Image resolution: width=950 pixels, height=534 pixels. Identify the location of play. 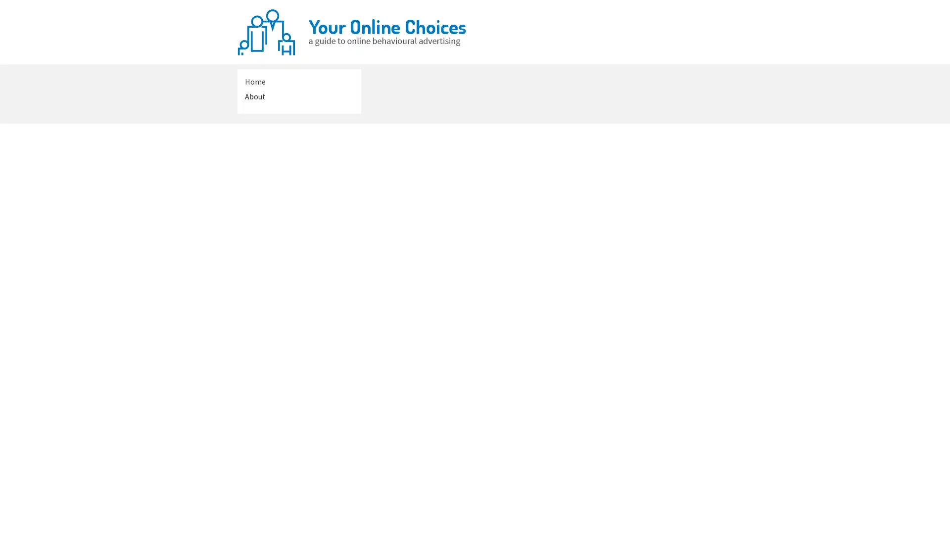
(418, 270).